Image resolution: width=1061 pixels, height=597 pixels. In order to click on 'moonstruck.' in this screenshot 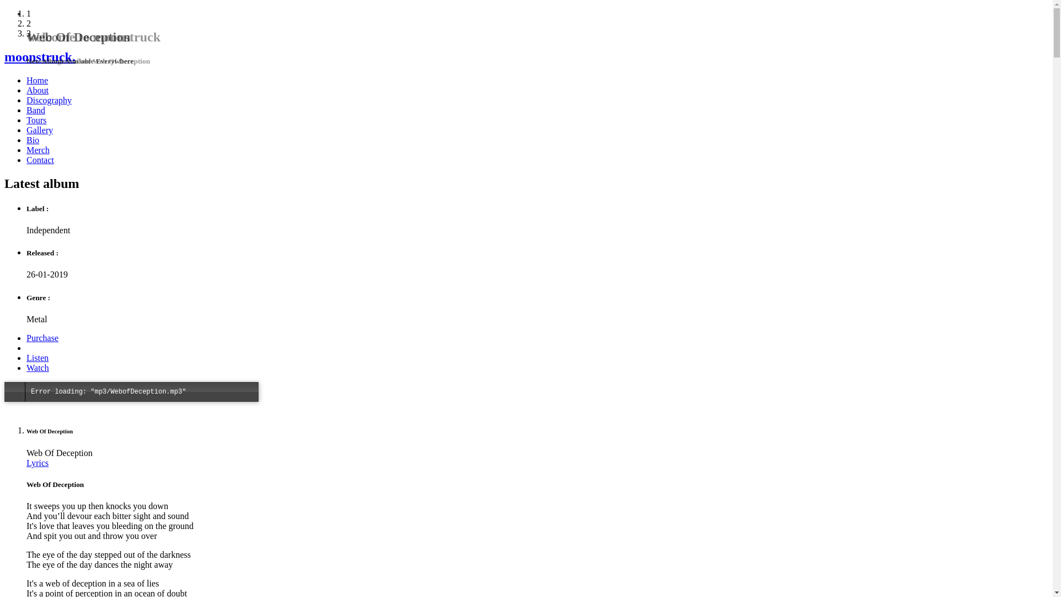, I will do `click(526, 57)`.